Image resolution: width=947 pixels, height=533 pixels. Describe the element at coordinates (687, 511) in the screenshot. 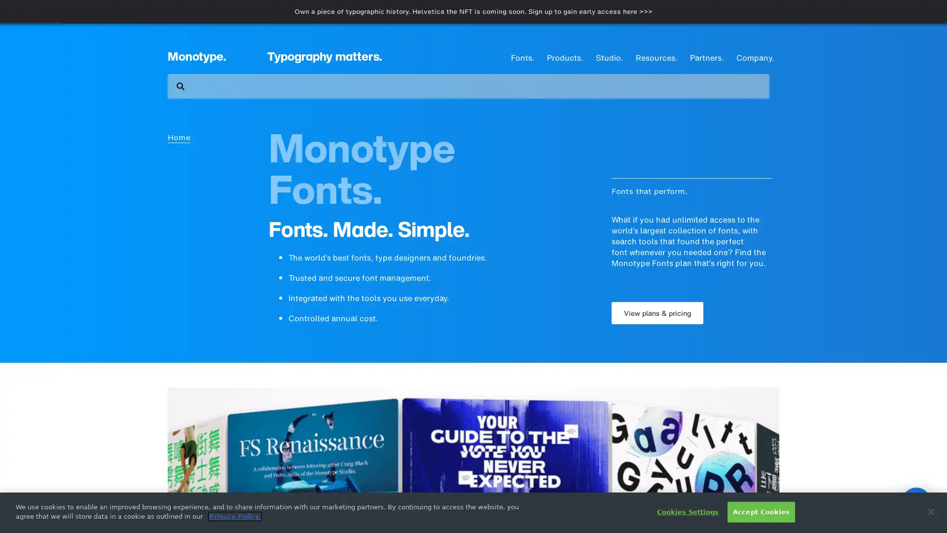

I see `Cookies Settings` at that location.